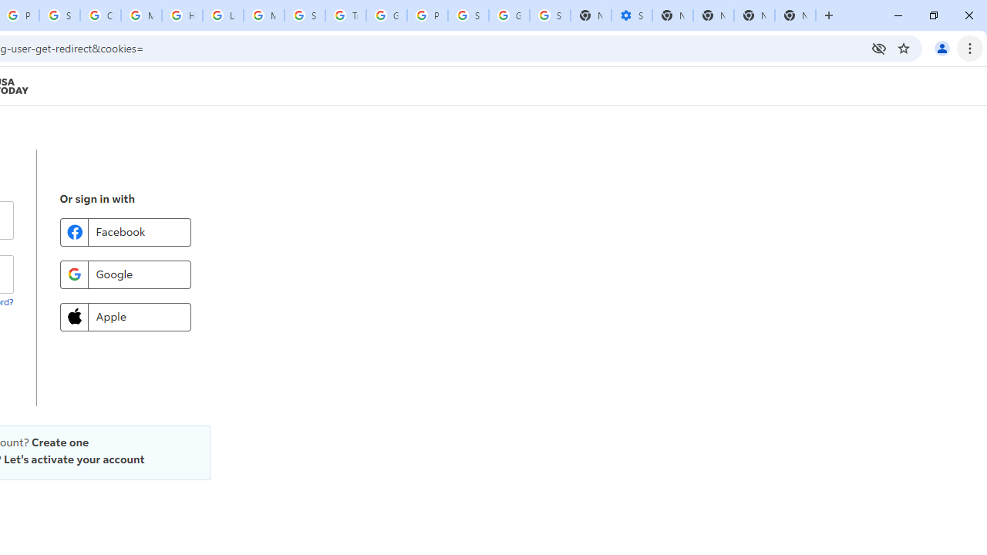 This screenshot has width=987, height=555. What do you see at coordinates (125, 231) in the screenshot?
I see `'Facebook'` at bounding box center [125, 231].